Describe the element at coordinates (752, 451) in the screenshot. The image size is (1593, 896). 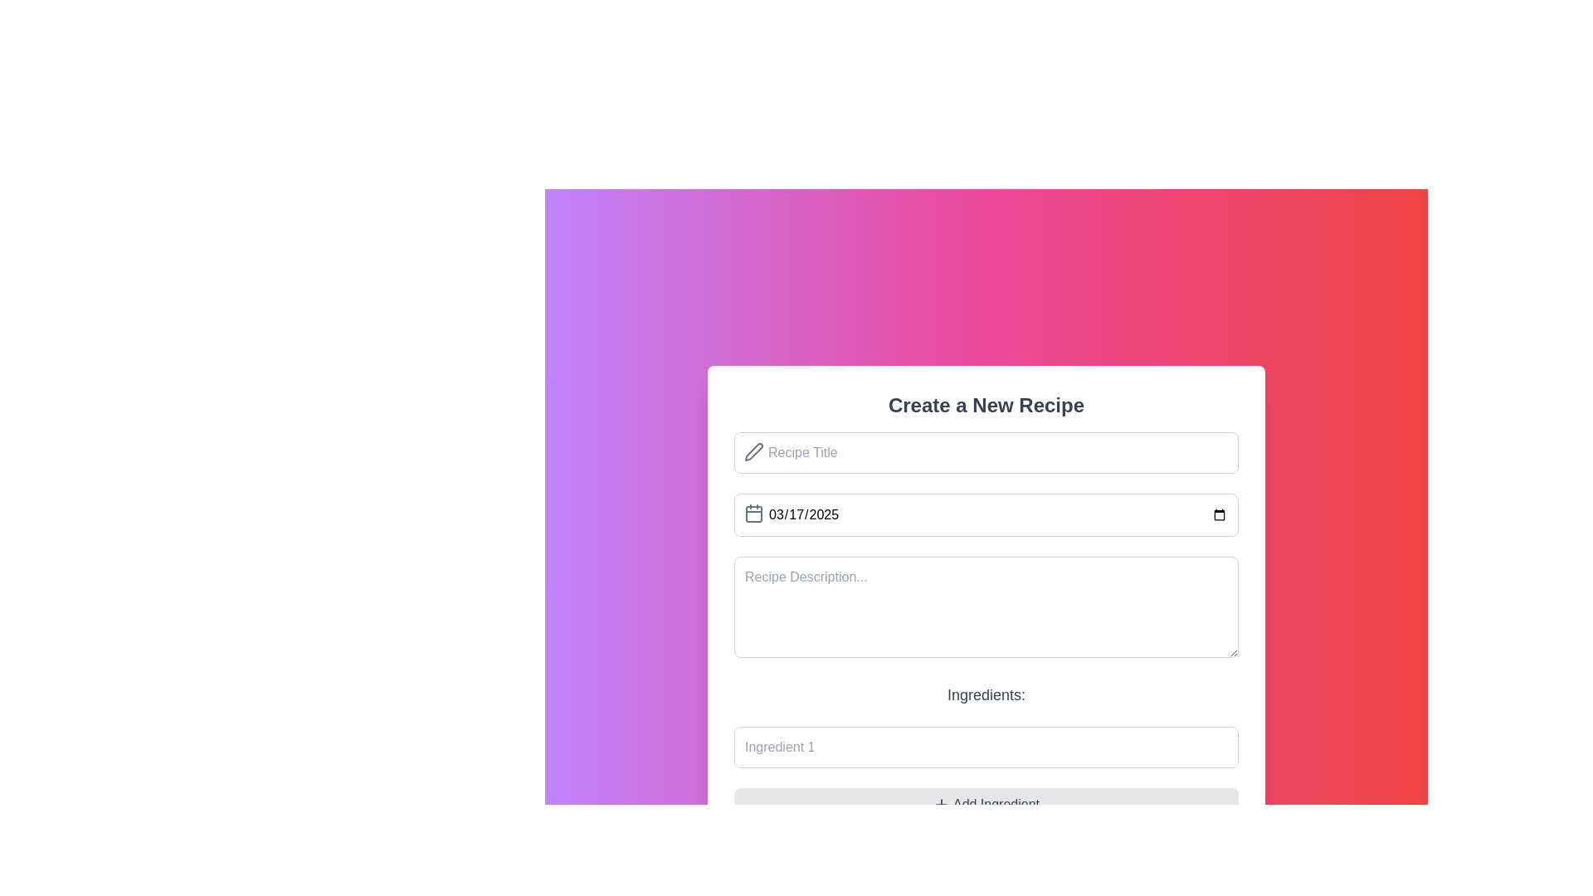
I see `the gray-toned pen icon located at the top left corner of the 'Recipe Title' input field` at that location.